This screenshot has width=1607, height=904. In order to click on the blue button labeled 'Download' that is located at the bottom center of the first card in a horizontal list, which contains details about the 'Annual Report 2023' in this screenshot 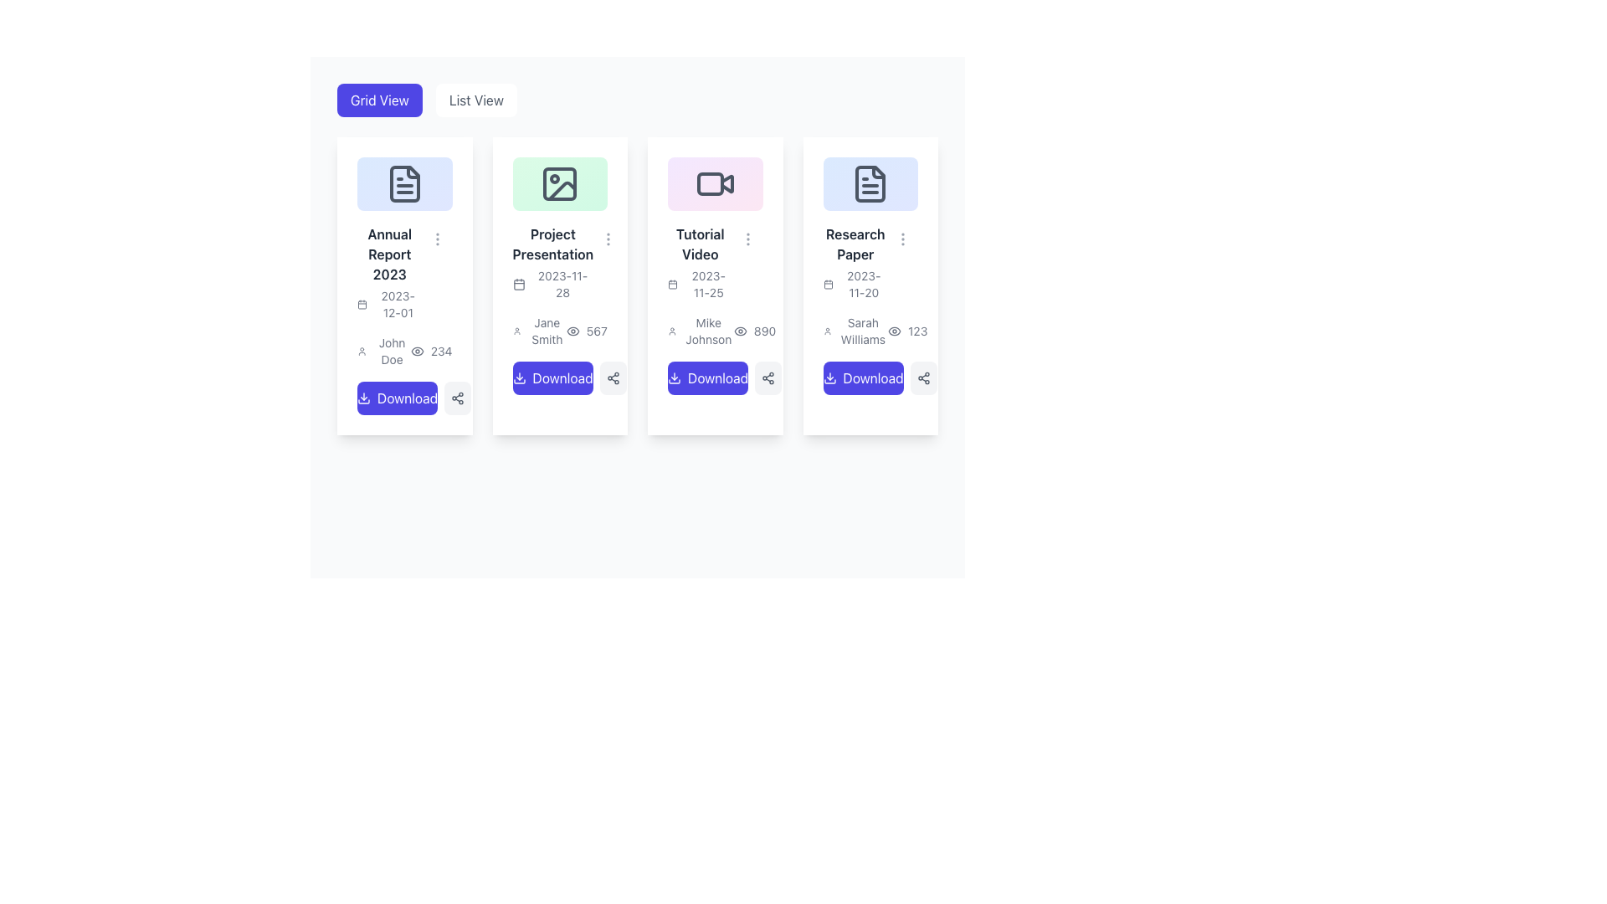, I will do `click(408, 398)`.